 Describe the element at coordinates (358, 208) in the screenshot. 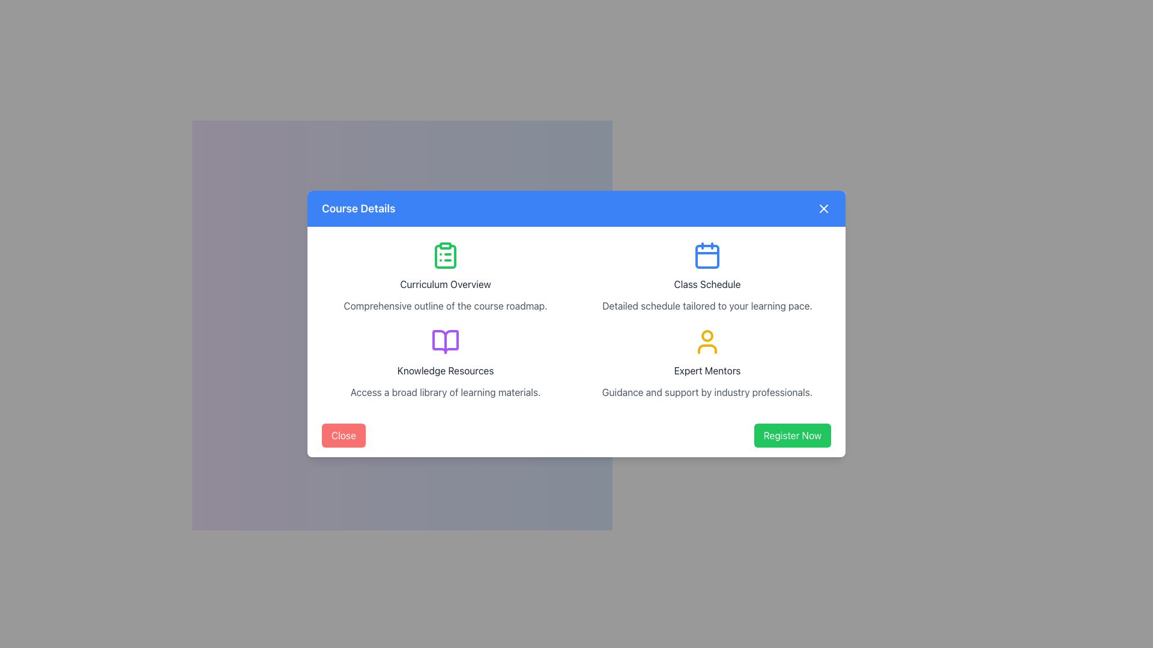

I see `the static text label displaying 'Course Details' in the blue header bar of the modal dialog` at that location.